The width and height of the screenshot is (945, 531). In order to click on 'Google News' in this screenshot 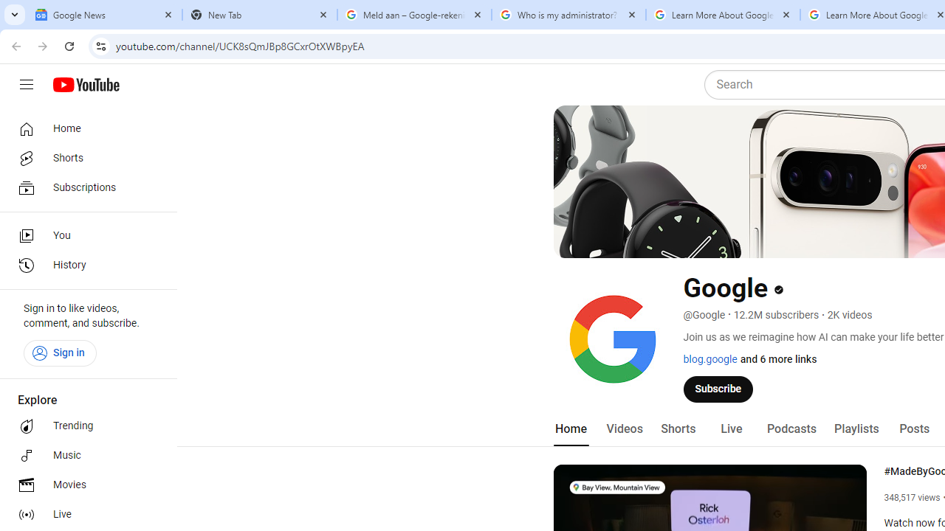, I will do `click(104, 15)`.